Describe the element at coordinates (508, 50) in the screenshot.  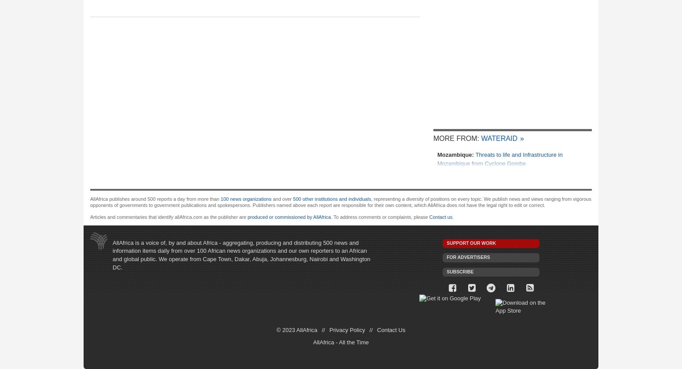
I see `'Ethiopia, Venezuela to Deepen Ties'` at that location.